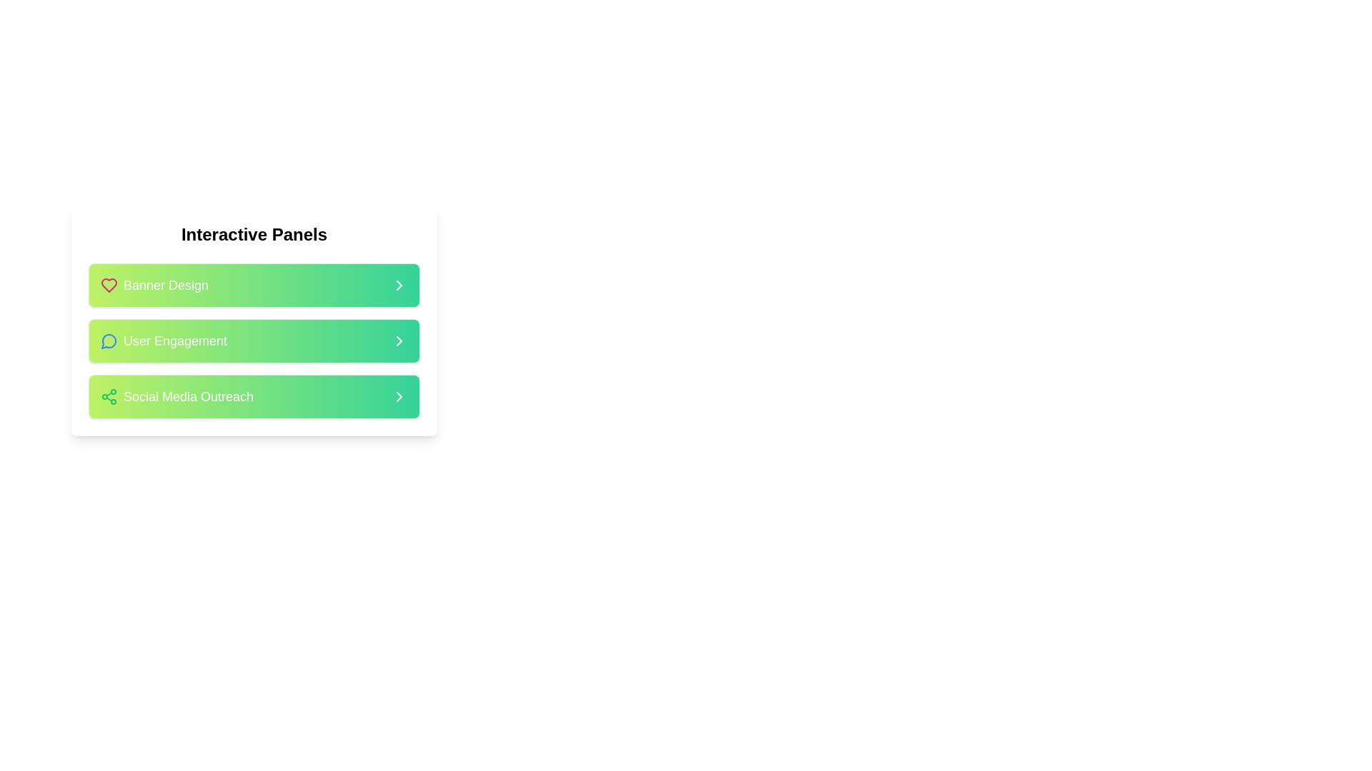  I want to click on the chevron icon located at the far-right side of the 'User Engagement' section, so click(399, 341).